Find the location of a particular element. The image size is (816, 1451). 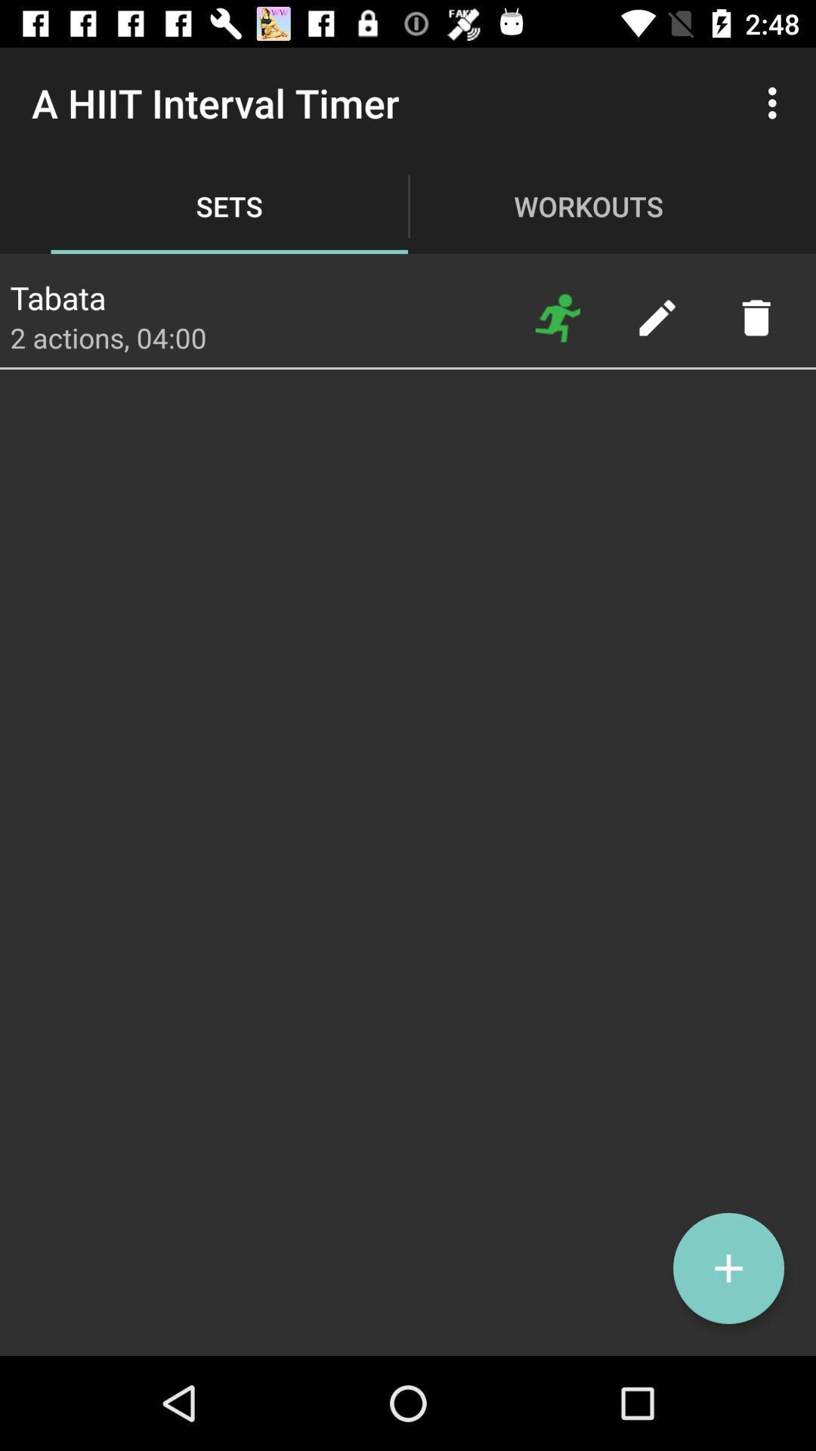

see workouts is located at coordinates (558, 317).